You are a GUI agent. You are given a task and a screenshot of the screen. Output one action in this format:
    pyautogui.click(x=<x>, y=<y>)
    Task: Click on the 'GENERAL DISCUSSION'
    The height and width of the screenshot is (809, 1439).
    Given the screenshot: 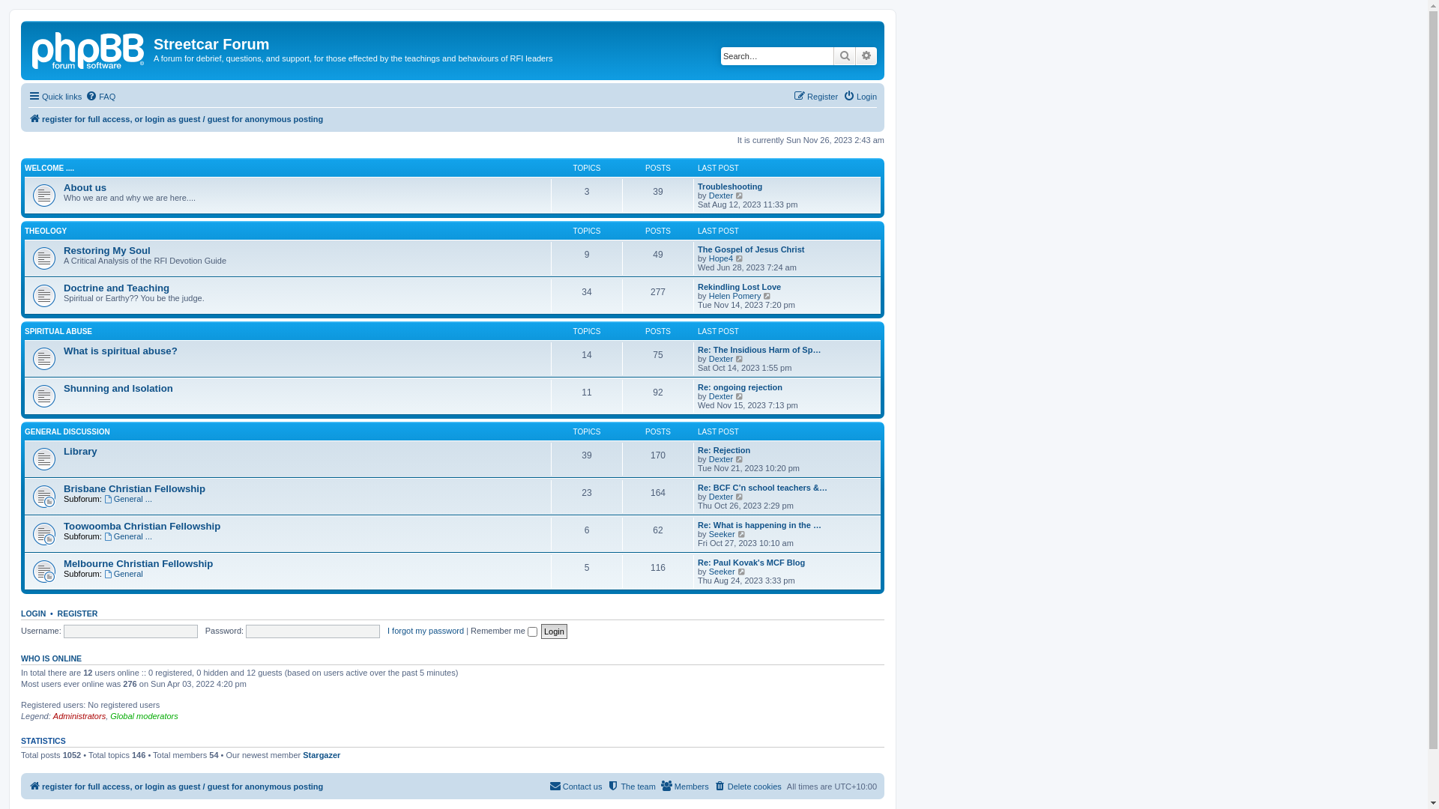 What is the action you would take?
    pyautogui.click(x=67, y=431)
    